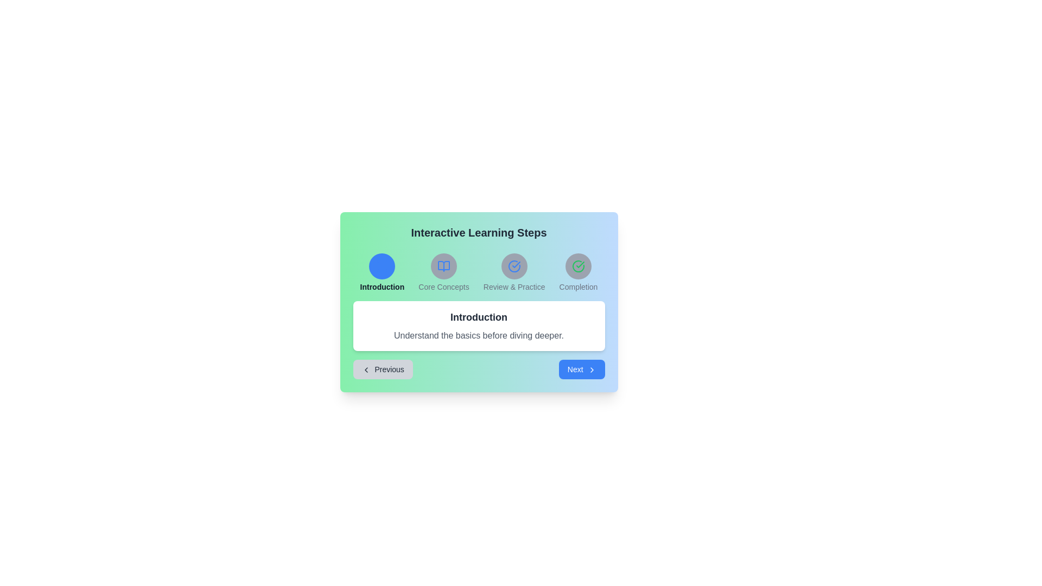 Image resolution: width=1042 pixels, height=586 pixels. Describe the element at coordinates (577, 286) in the screenshot. I see `the 'Completion' label in the 'Interactive Learning Steps' sequence, which is located in the far-right position of the row below the corresponding circular completion icon` at that location.